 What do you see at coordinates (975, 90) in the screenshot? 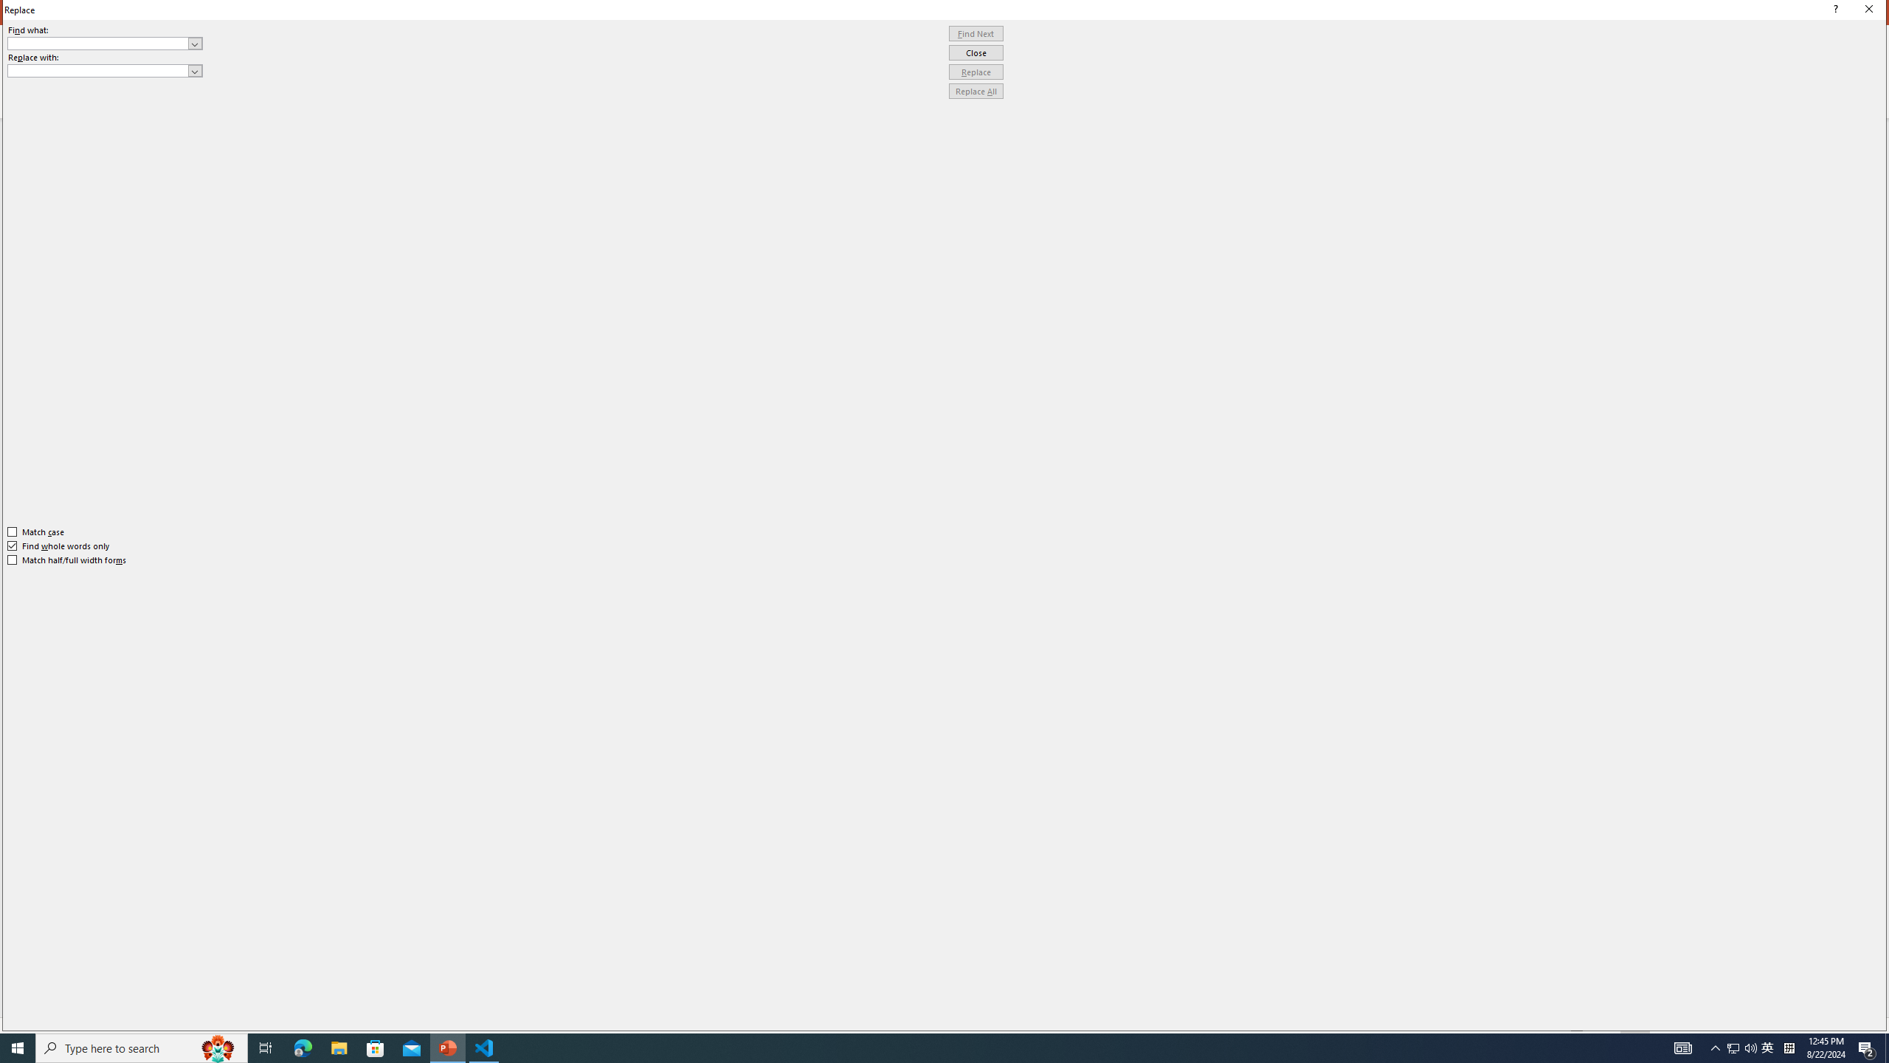
I see `'Replace All'` at bounding box center [975, 90].